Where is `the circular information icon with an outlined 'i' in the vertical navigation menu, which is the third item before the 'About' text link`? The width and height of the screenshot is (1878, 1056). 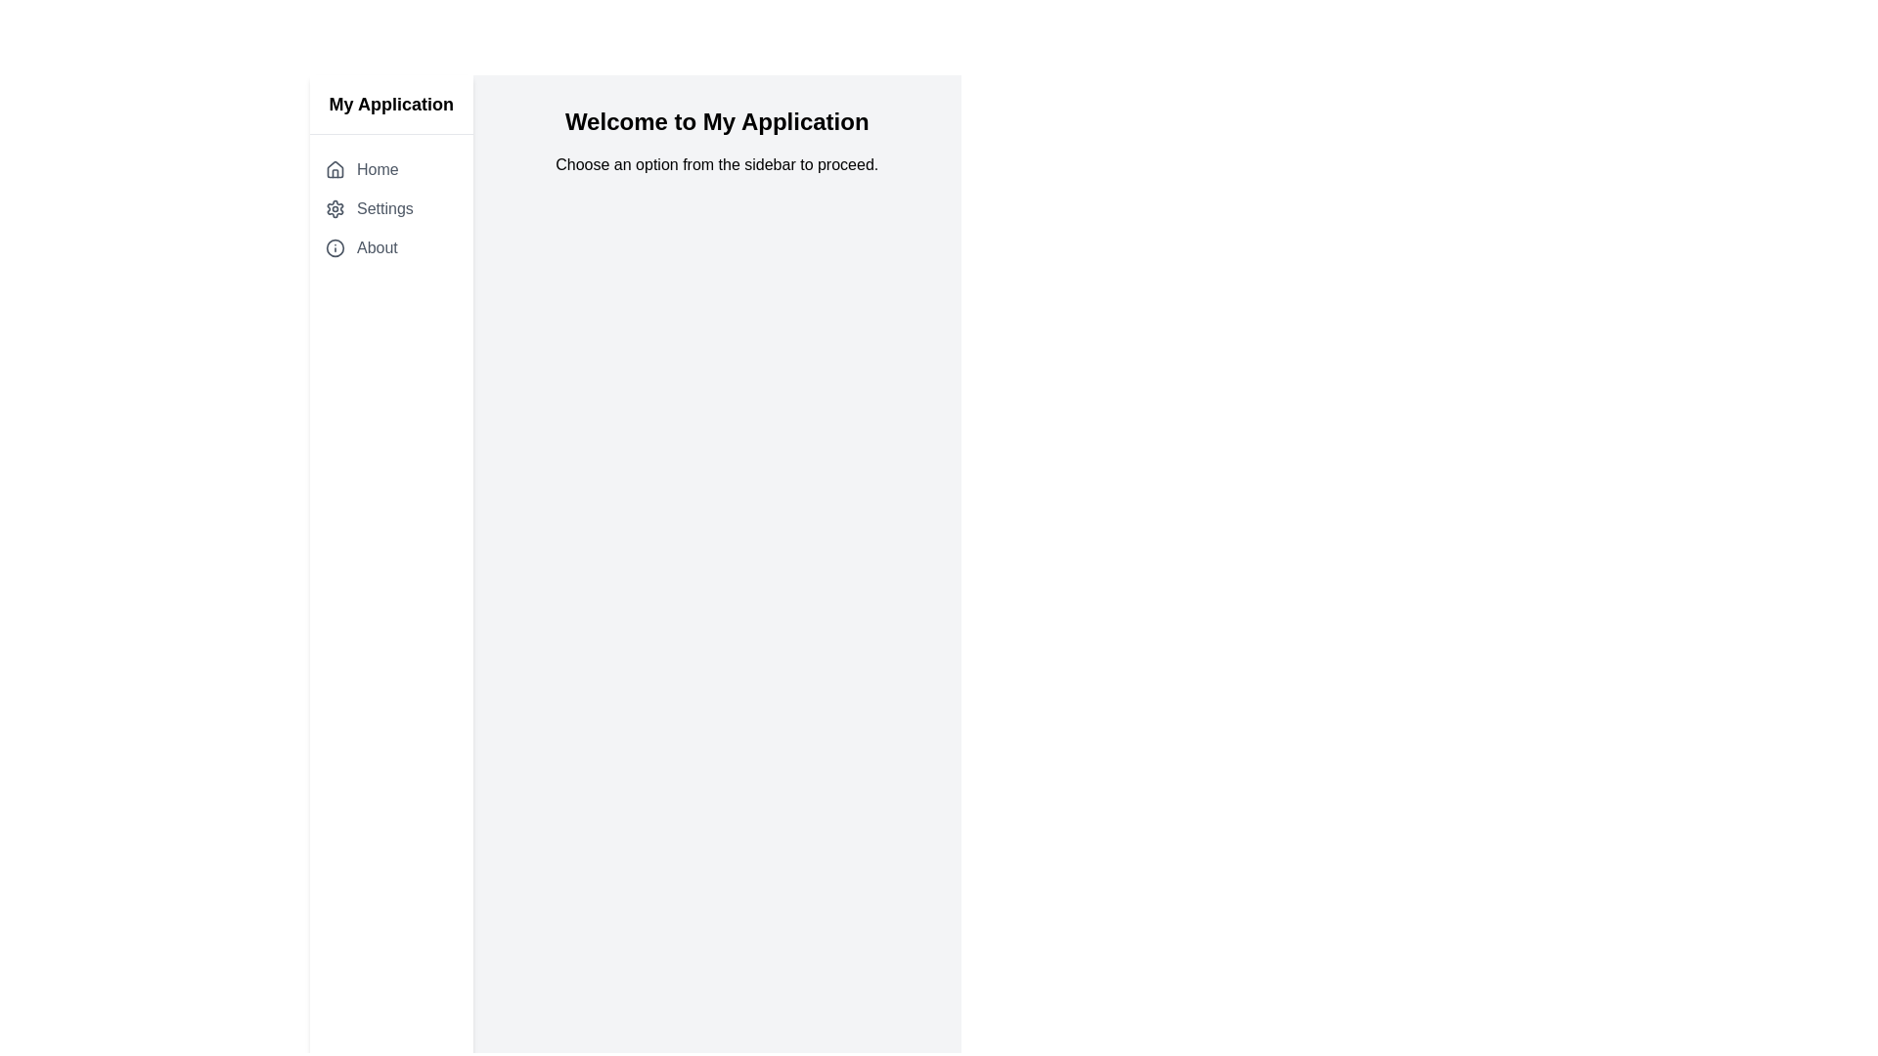
the circular information icon with an outlined 'i' in the vertical navigation menu, which is the third item before the 'About' text link is located at coordinates (335, 247).